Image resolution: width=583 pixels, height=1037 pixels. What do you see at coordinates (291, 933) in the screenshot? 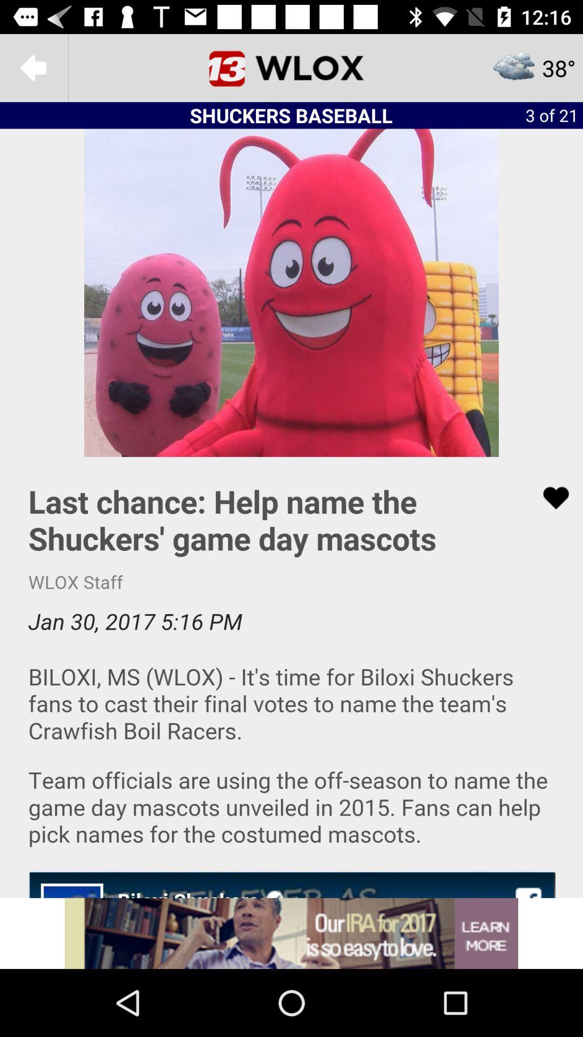
I see `open advertisement` at bounding box center [291, 933].